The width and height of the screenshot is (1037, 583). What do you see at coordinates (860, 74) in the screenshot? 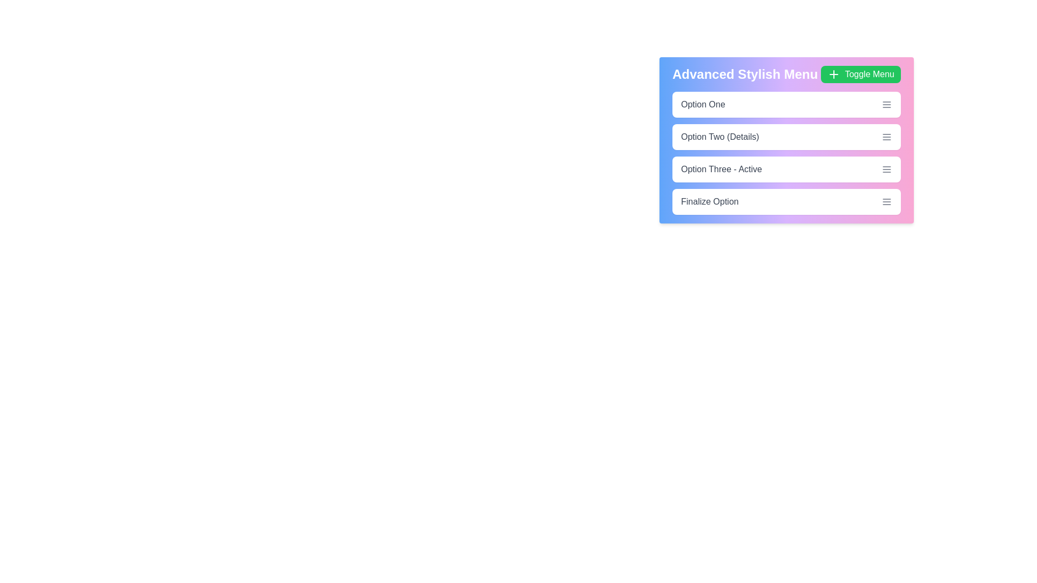
I see `the 'Toggle Menu' button to toggle the menu visibility` at bounding box center [860, 74].